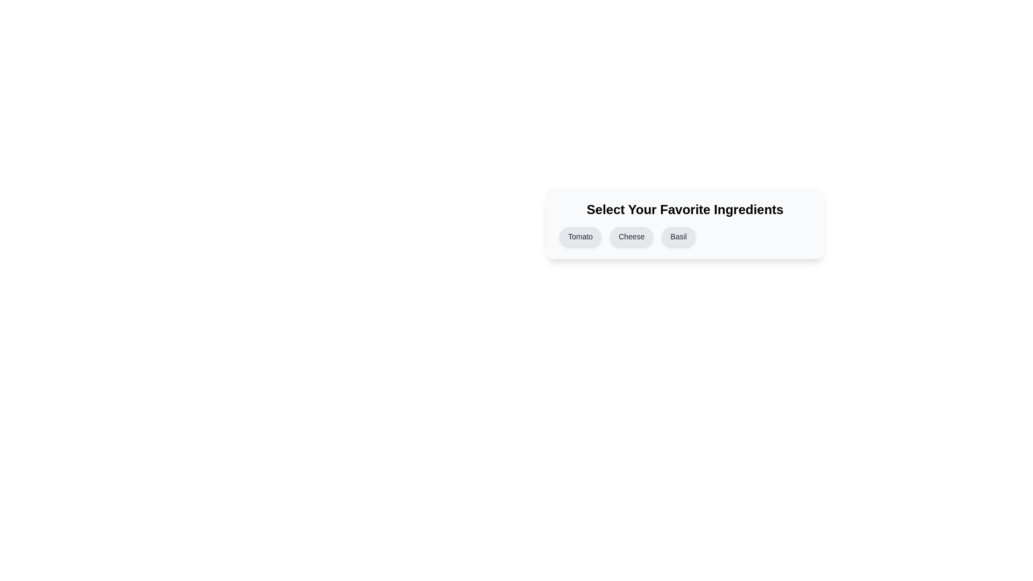  What do you see at coordinates (678, 236) in the screenshot?
I see `the button corresponding to the ingredient Basil` at bounding box center [678, 236].